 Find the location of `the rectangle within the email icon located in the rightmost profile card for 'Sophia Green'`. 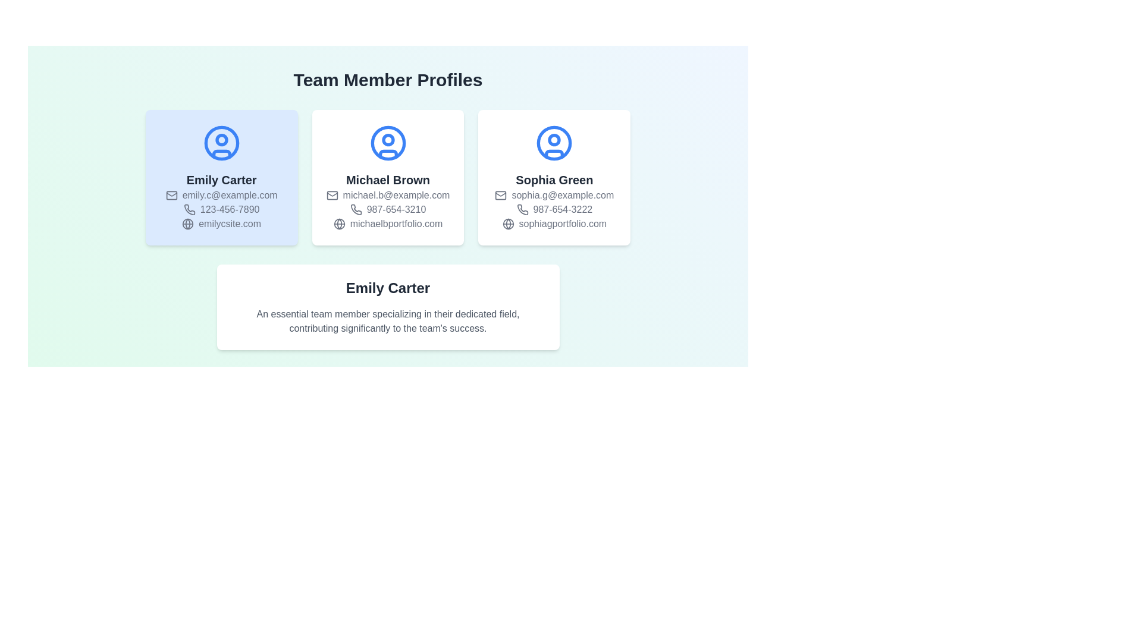

the rectangle within the email icon located in the rightmost profile card for 'Sophia Green' is located at coordinates (501, 194).